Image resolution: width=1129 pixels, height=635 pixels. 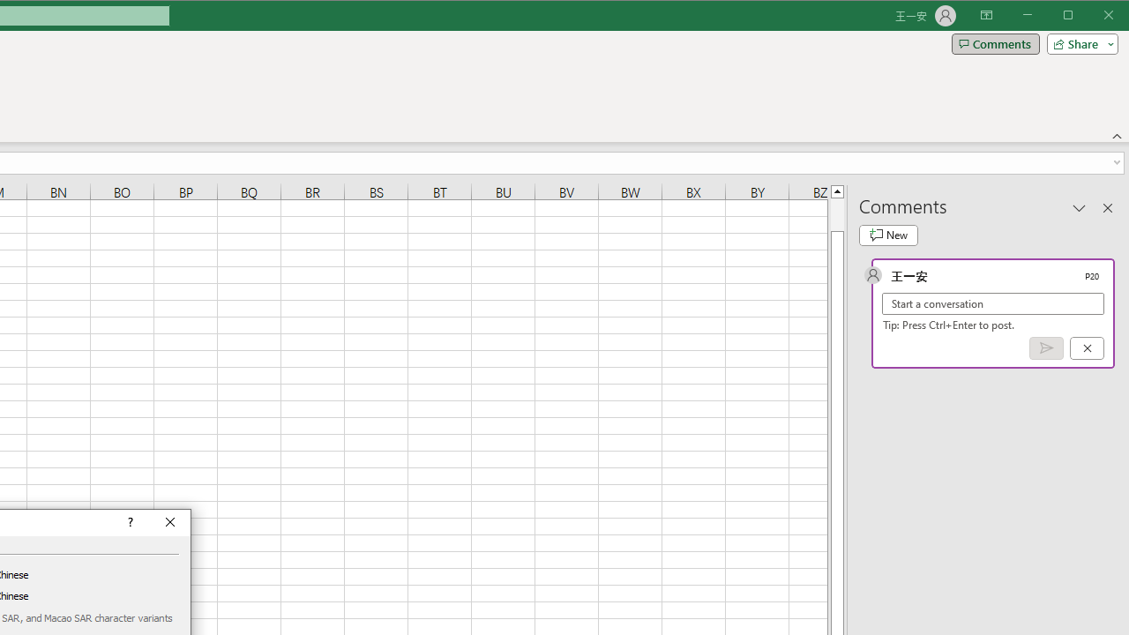 What do you see at coordinates (1107, 206) in the screenshot?
I see `'Close pane'` at bounding box center [1107, 206].